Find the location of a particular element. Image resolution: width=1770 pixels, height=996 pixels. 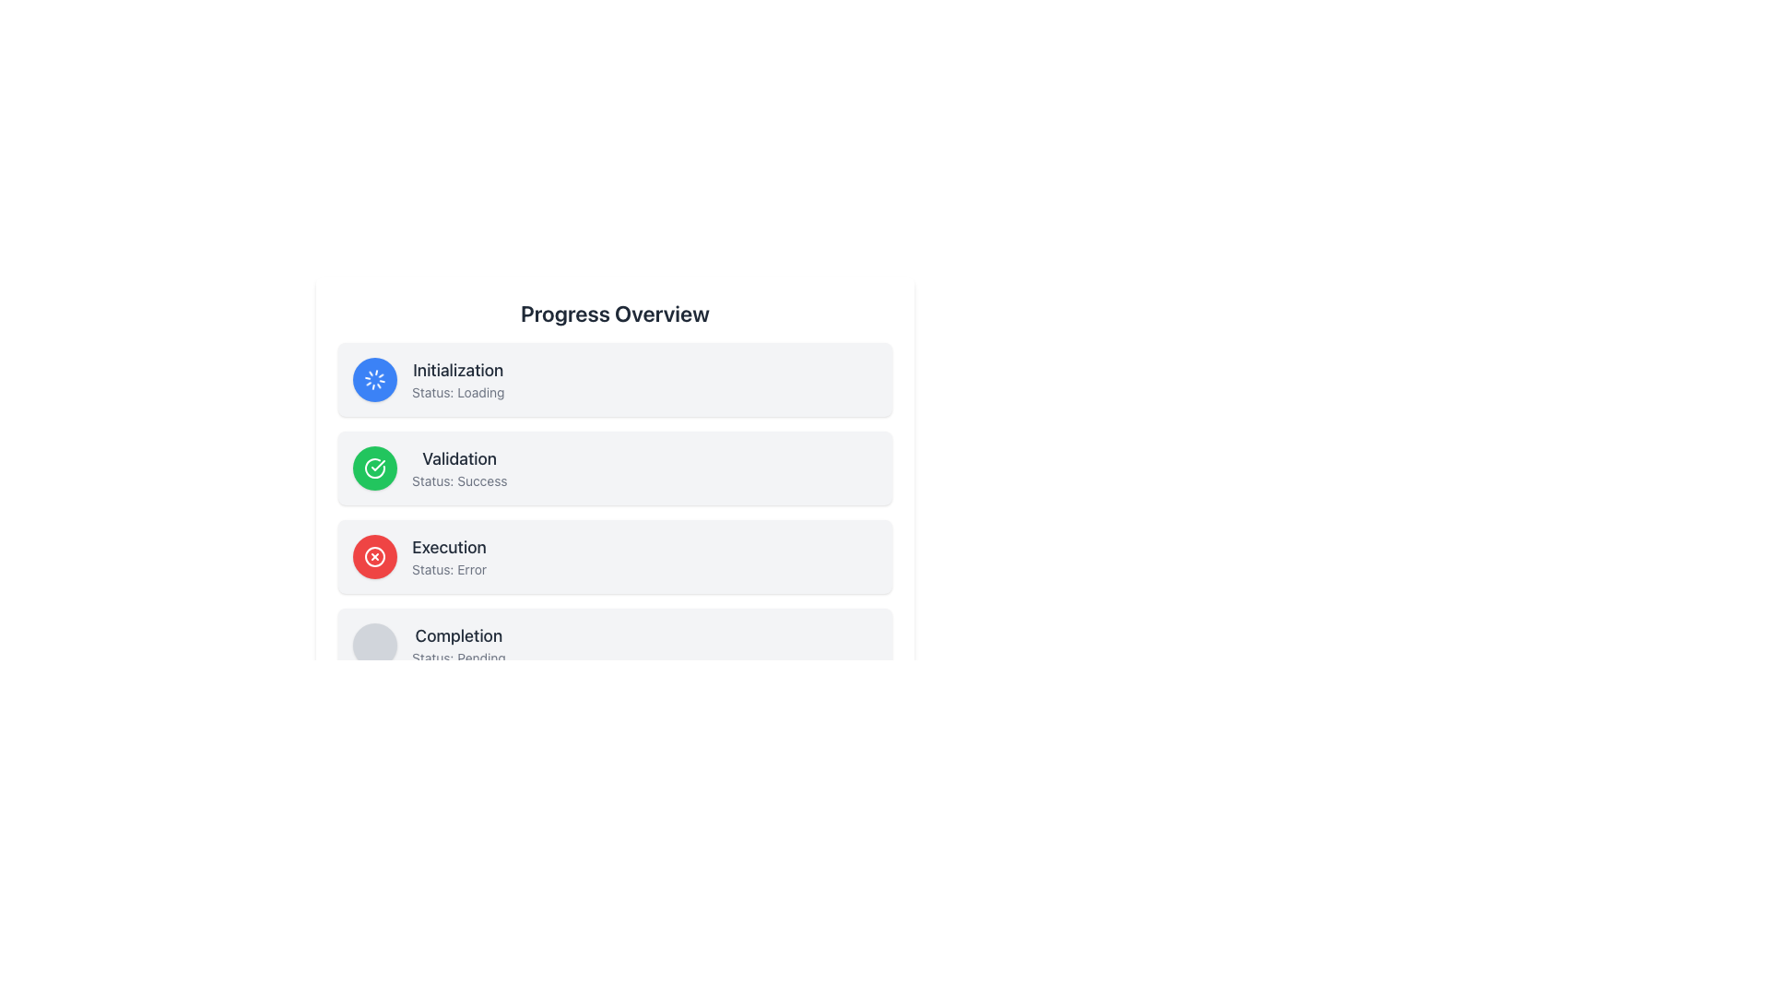

text from the title label located on the second row of progress steps, positioned to the right of the green success icon is located at coordinates (459, 457).